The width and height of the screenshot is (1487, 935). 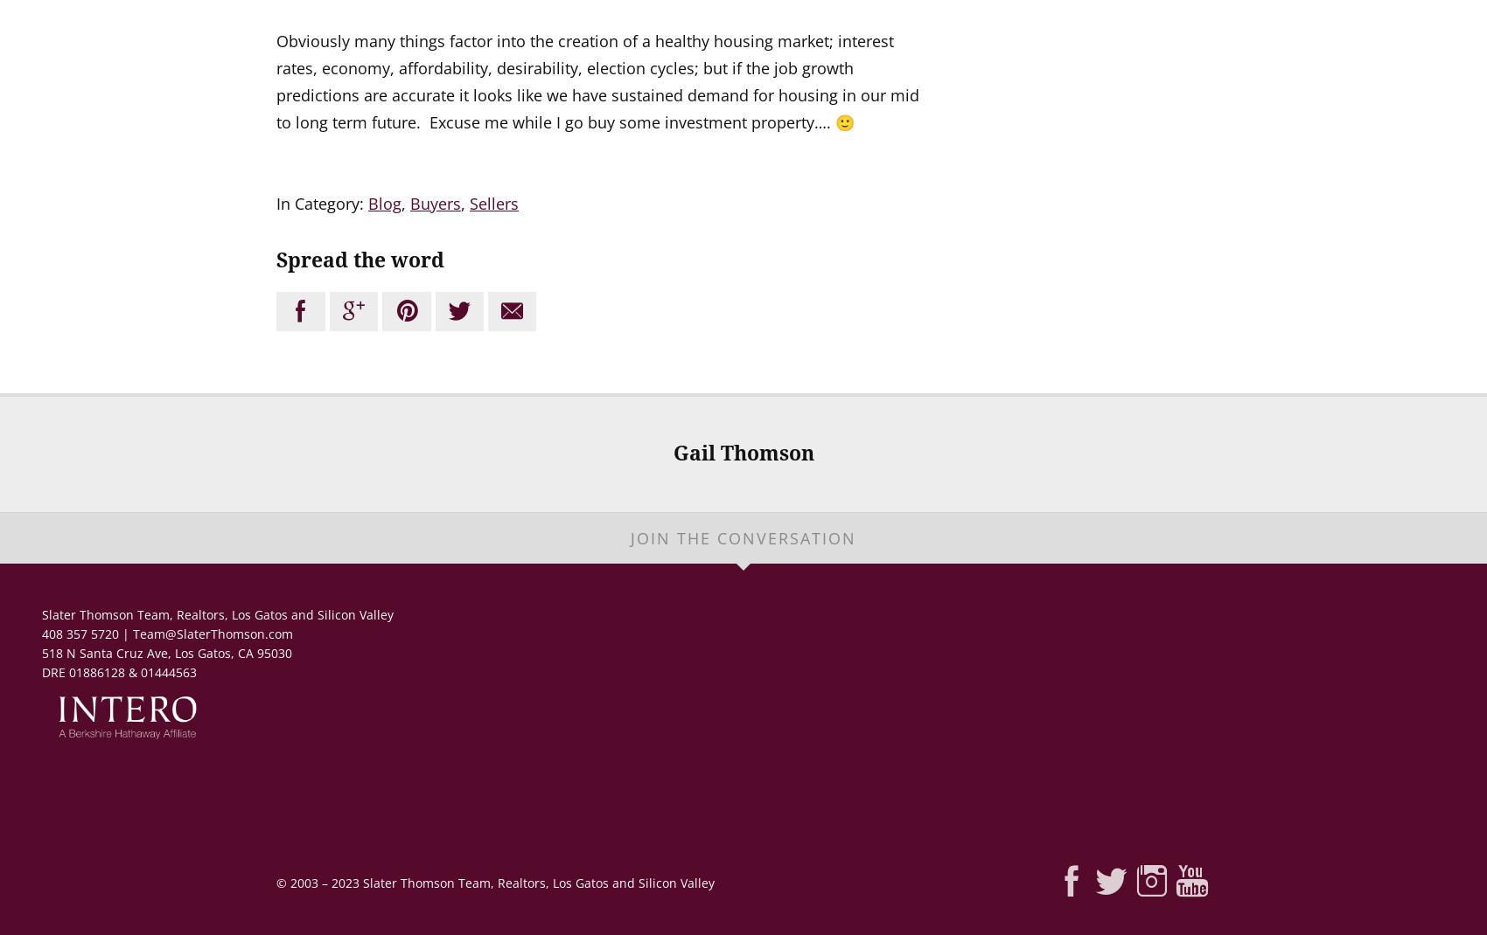 What do you see at coordinates (166, 633) in the screenshot?
I see `'408 357 5720 | Team@SlaterThomson.com'` at bounding box center [166, 633].